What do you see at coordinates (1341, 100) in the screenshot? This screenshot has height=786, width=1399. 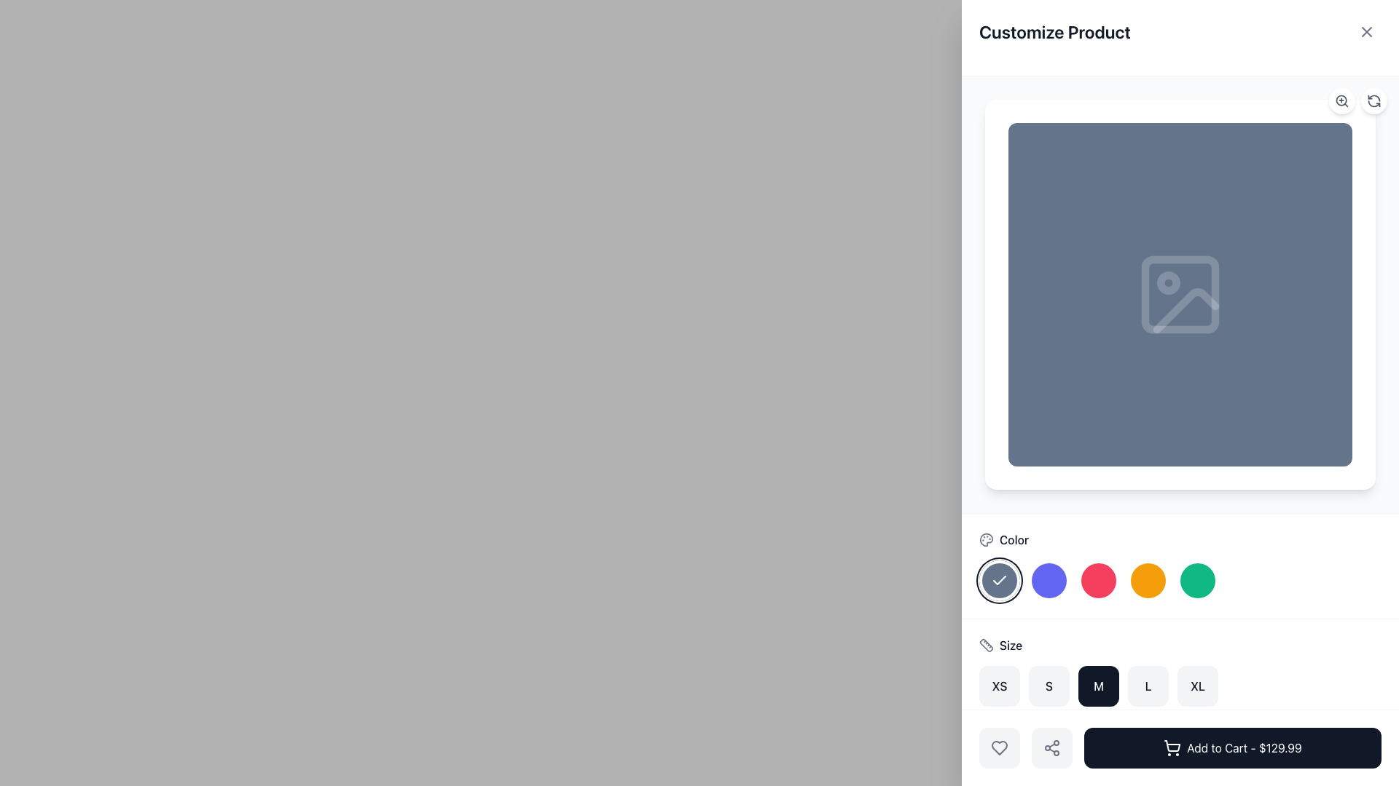 I see `the central circular component of the magnifying glass icon located on the top-right of the customization interface` at bounding box center [1341, 100].